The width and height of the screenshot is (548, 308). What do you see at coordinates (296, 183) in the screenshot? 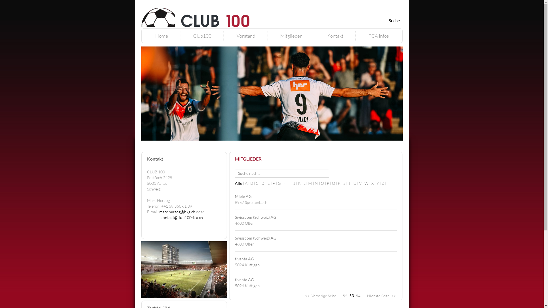
I see `'J'` at bounding box center [296, 183].